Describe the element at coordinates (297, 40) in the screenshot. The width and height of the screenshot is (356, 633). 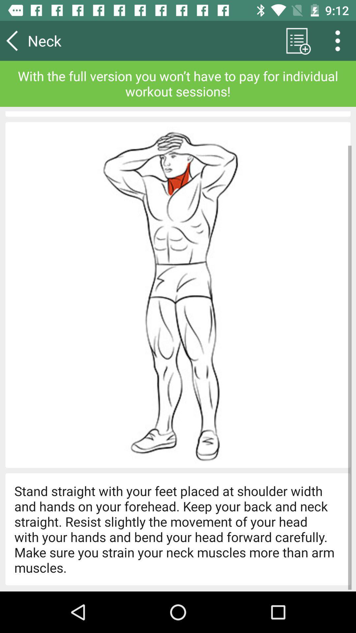
I see `app to the right of the neck item` at that location.